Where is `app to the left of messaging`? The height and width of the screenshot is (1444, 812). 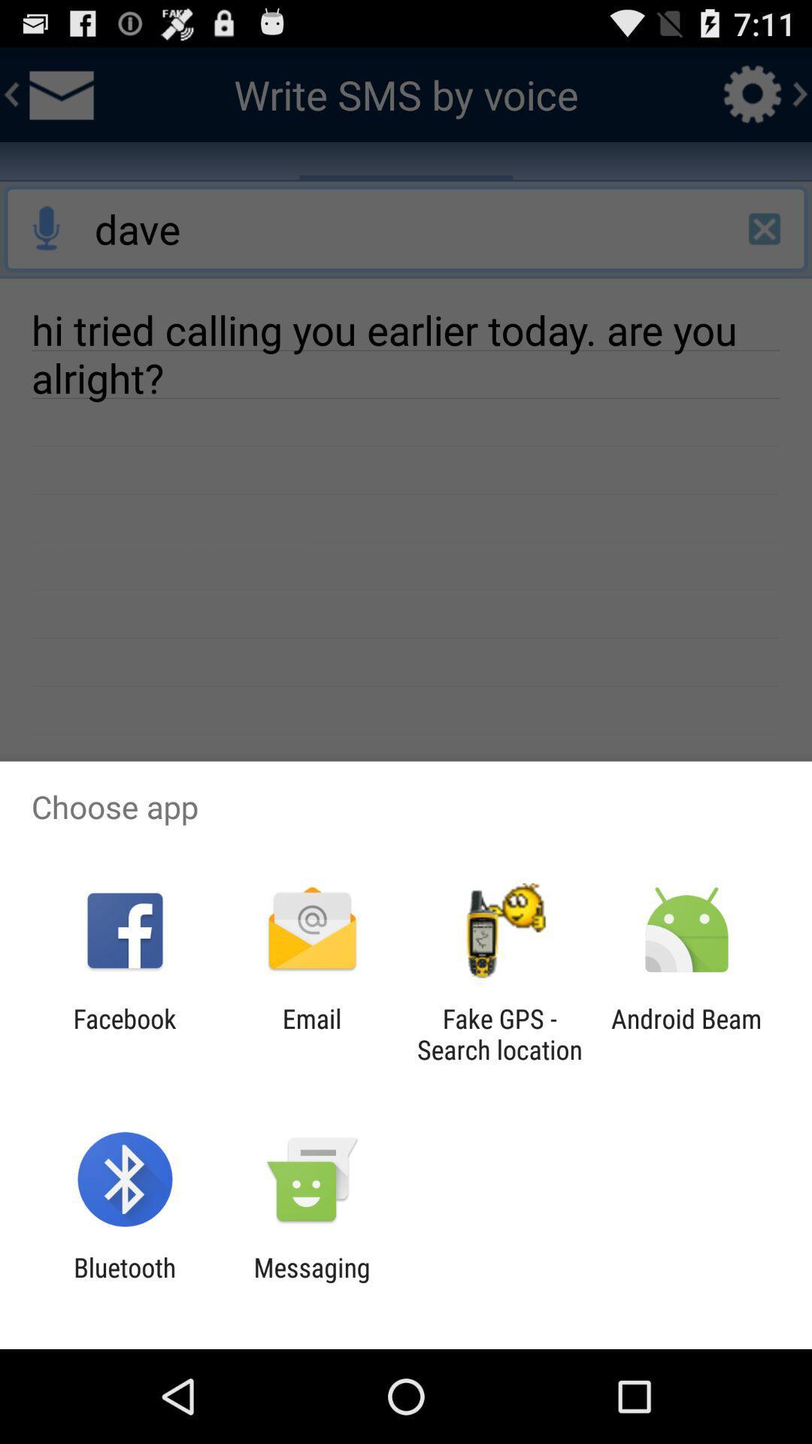 app to the left of messaging is located at coordinates (124, 1282).